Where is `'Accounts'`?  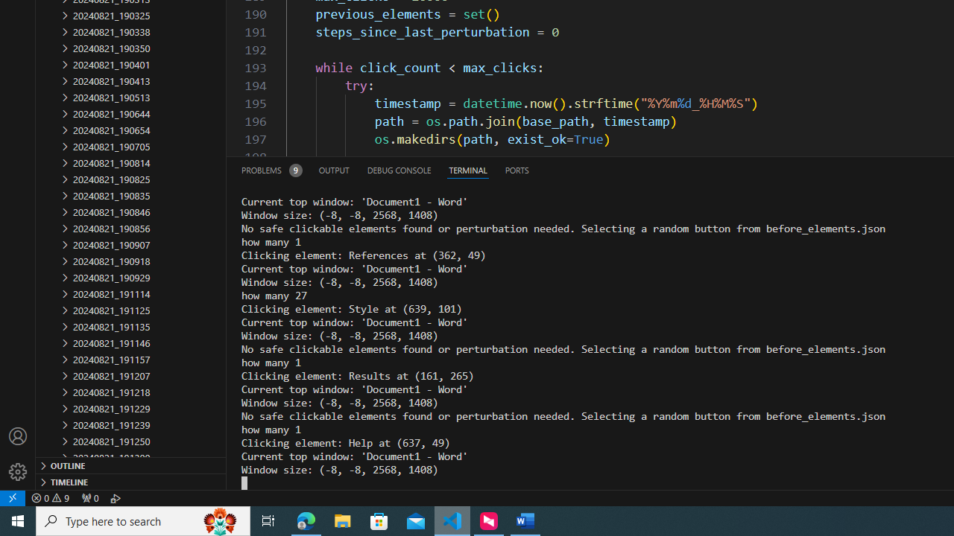
'Accounts' is located at coordinates (18, 435).